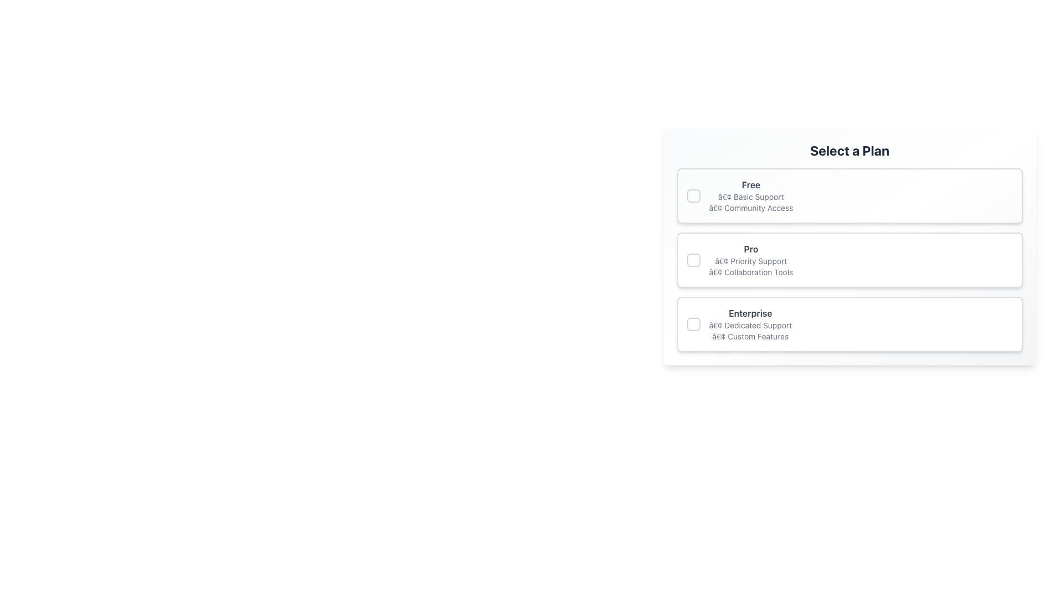  I want to click on the 'Collaboration Tools' text label within the 'Pro' subscription plan card in the 'Select a Plan' section, which is positioned below the '• Priority Support' text, so click(751, 272).